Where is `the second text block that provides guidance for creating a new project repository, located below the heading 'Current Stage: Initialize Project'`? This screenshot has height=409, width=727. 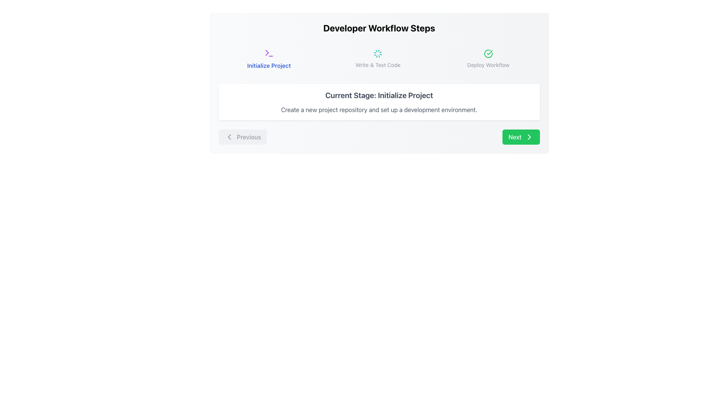
the second text block that provides guidance for creating a new project repository, located below the heading 'Current Stage: Initialize Project' is located at coordinates (379, 109).